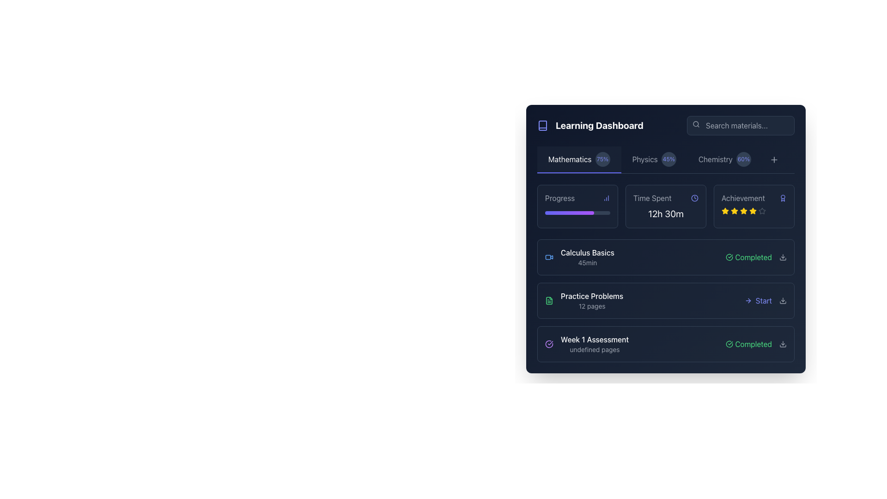  What do you see at coordinates (592, 301) in the screenshot?
I see `the text block containing practice problems information, located in the third position under the 'Learning Dashboard' section` at bounding box center [592, 301].